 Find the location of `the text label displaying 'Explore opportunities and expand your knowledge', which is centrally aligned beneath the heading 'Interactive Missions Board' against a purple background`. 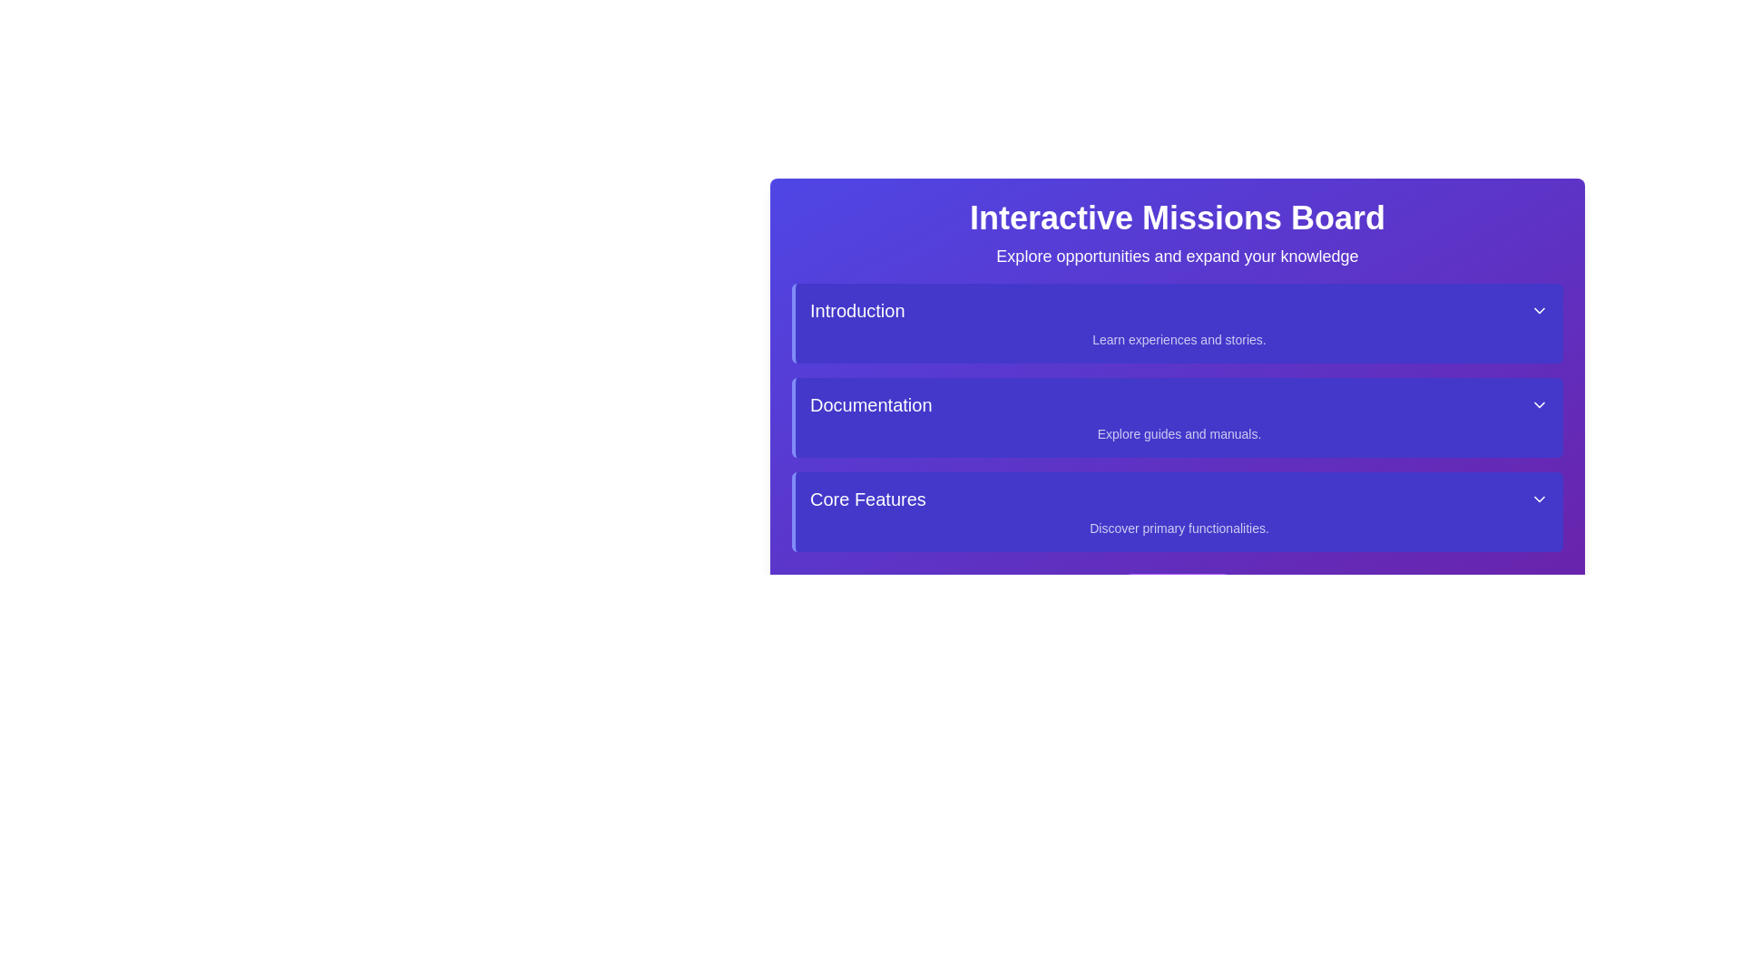

the text label displaying 'Explore opportunities and expand your knowledge', which is centrally aligned beneath the heading 'Interactive Missions Board' against a purple background is located at coordinates (1177, 256).